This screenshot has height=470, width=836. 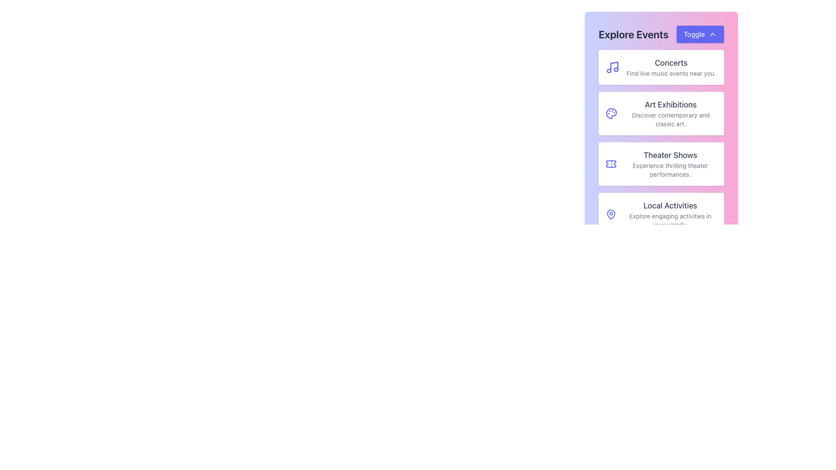 What do you see at coordinates (670, 206) in the screenshot?
I see `the text label that says 'Local Activities', which is prominently displayed in gray above a descriptive text within the fourth card of the 'Explore Events' section` at bounding box center [670, 206].